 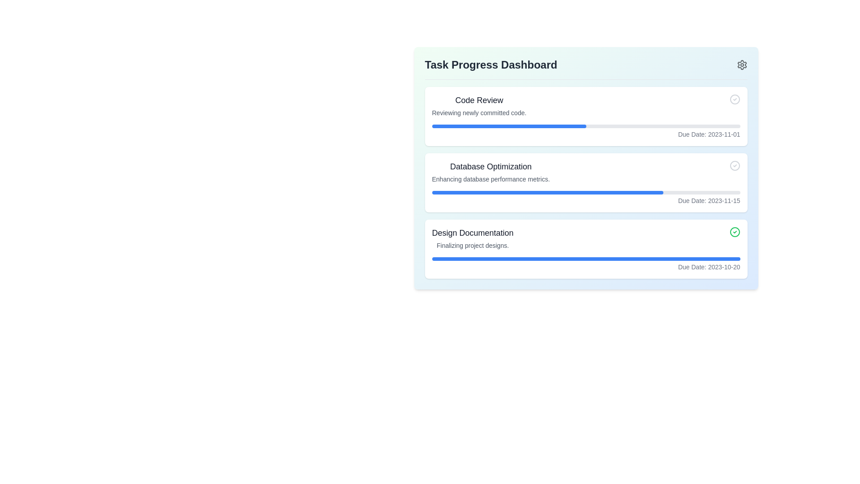 I want to click on the static text that specifies the due date for the task in the 'Code Review' card, located in the bottom-right section below the progress bar, so click(x=586, y=131).